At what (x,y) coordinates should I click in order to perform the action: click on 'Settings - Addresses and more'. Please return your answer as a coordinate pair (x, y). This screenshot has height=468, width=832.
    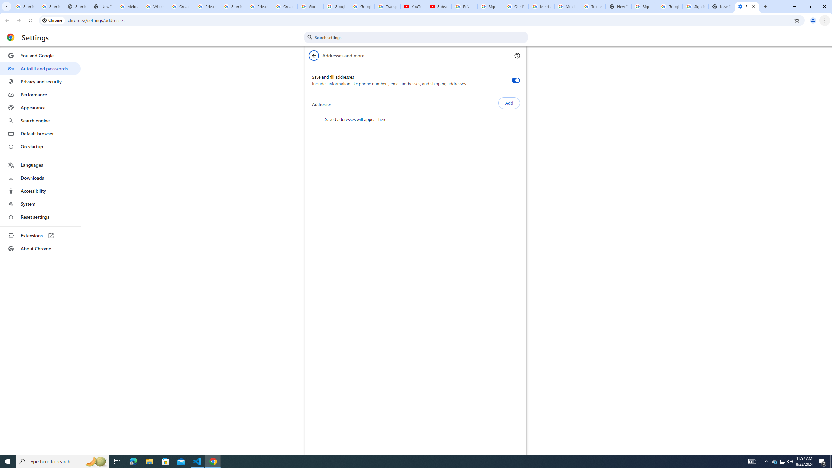
    Looking at the image, I should click on (747, 6).